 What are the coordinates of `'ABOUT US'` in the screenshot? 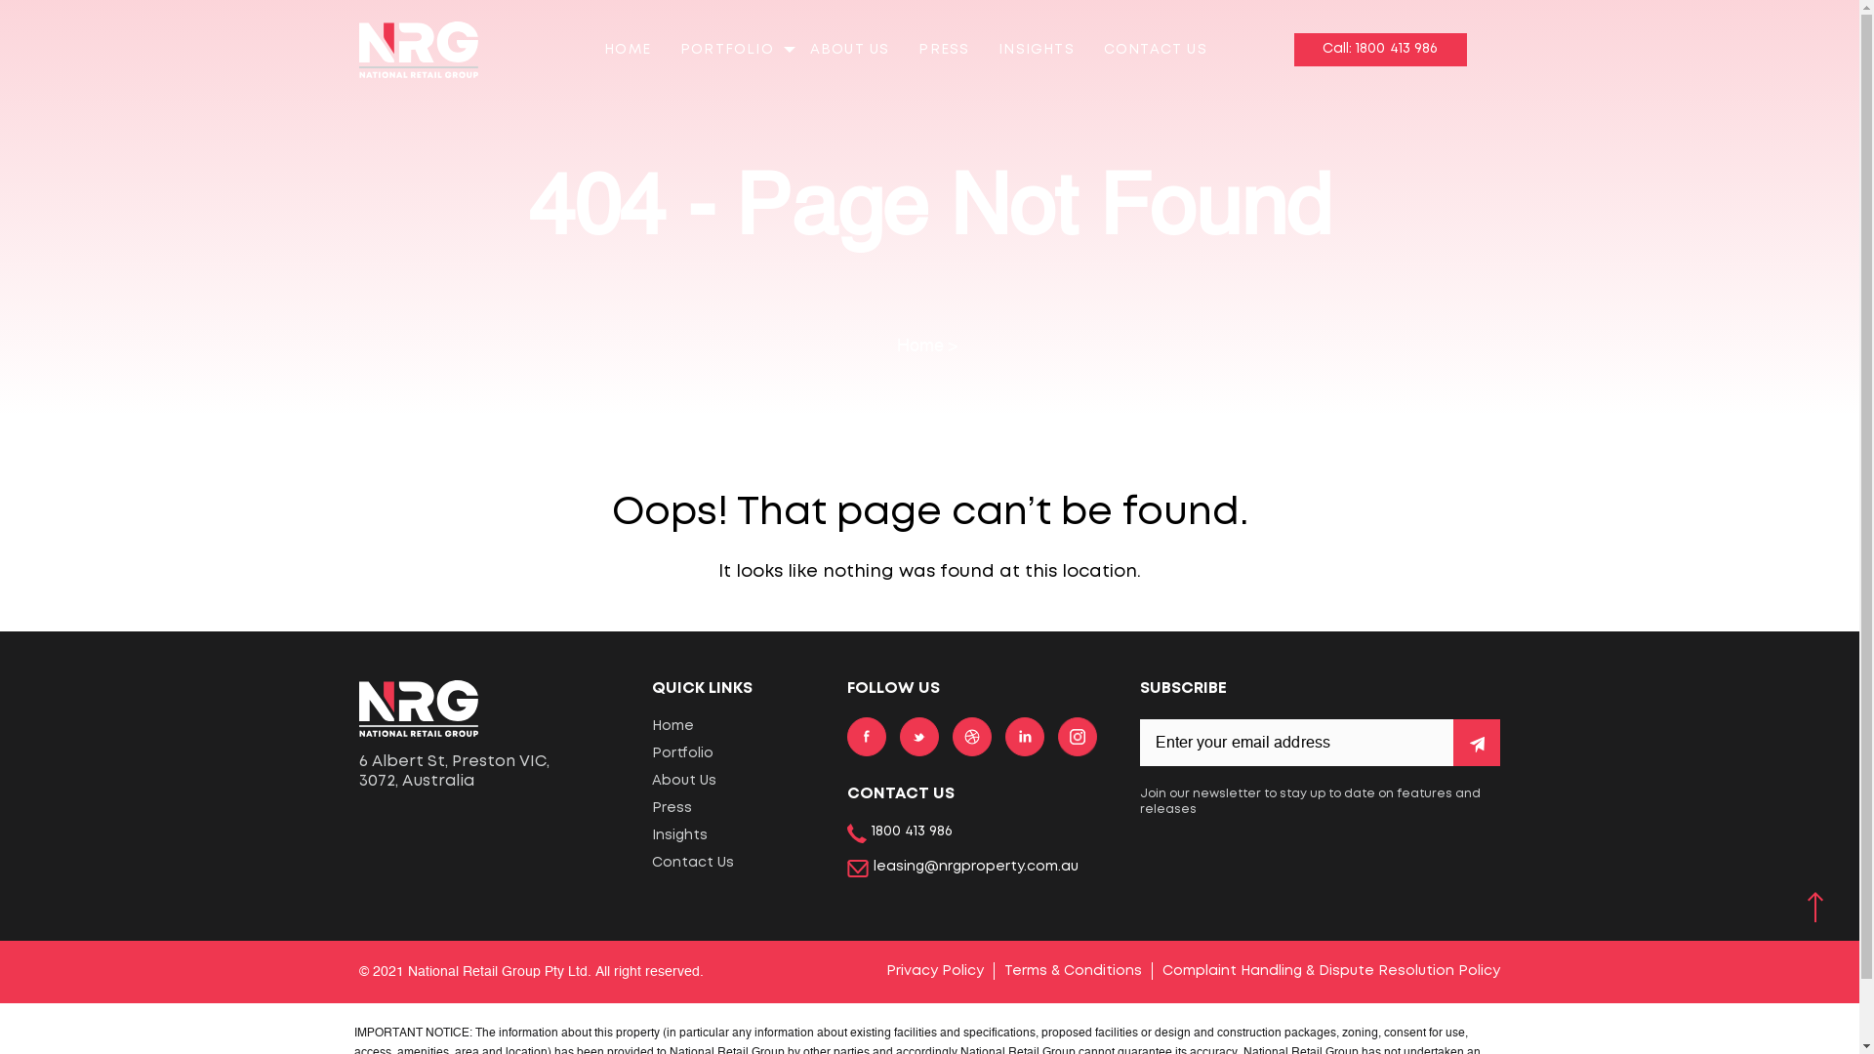 It's located at (849, 48).